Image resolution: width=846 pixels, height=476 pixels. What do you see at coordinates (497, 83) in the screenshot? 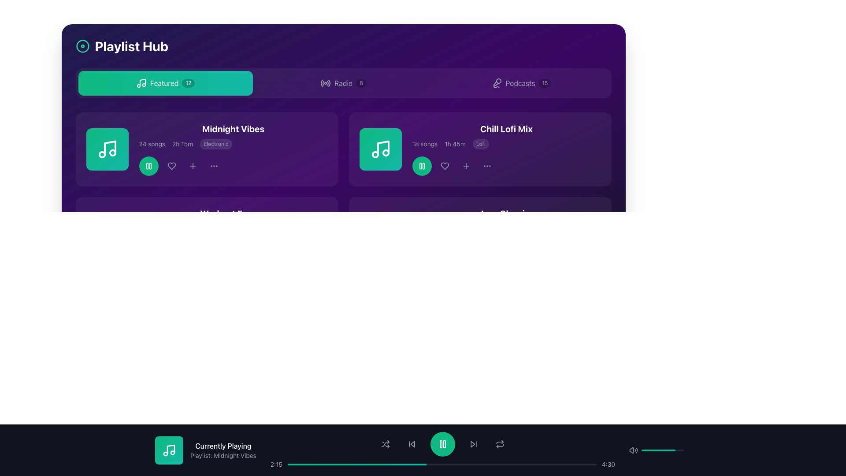
I see `the microphone icon in the top right section of the interface, which is styled as an outline graphic and is located next to the 'Podcasts' label and a badge indicating '15'` at bounding box center [497, 83].